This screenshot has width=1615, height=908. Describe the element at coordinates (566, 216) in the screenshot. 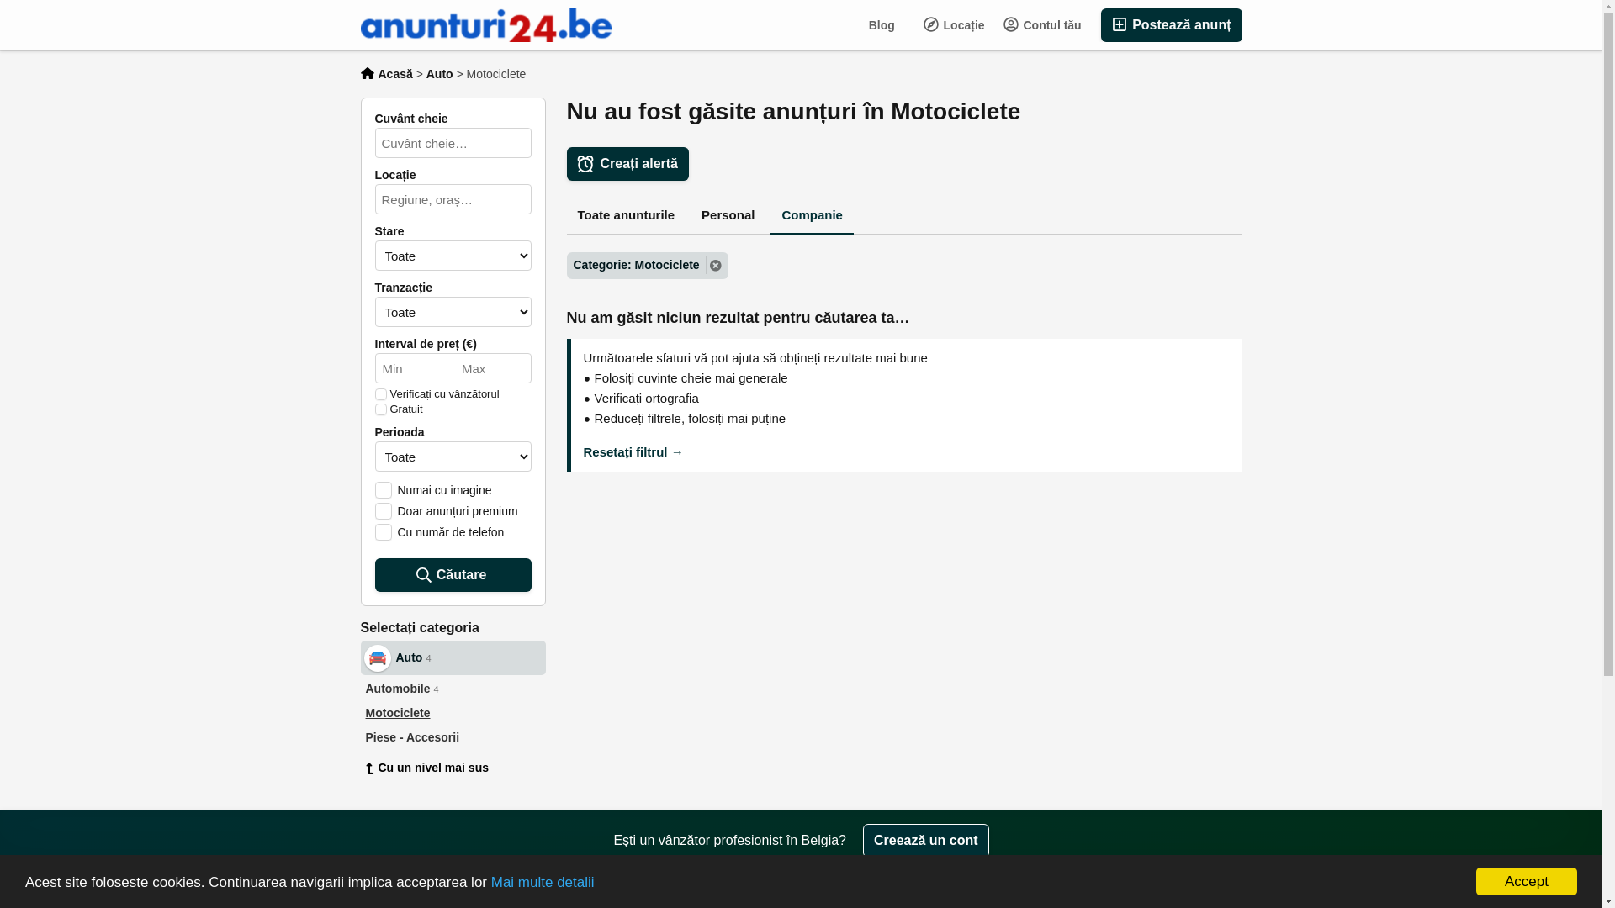

I see `'Toate anunturile'` at that location.